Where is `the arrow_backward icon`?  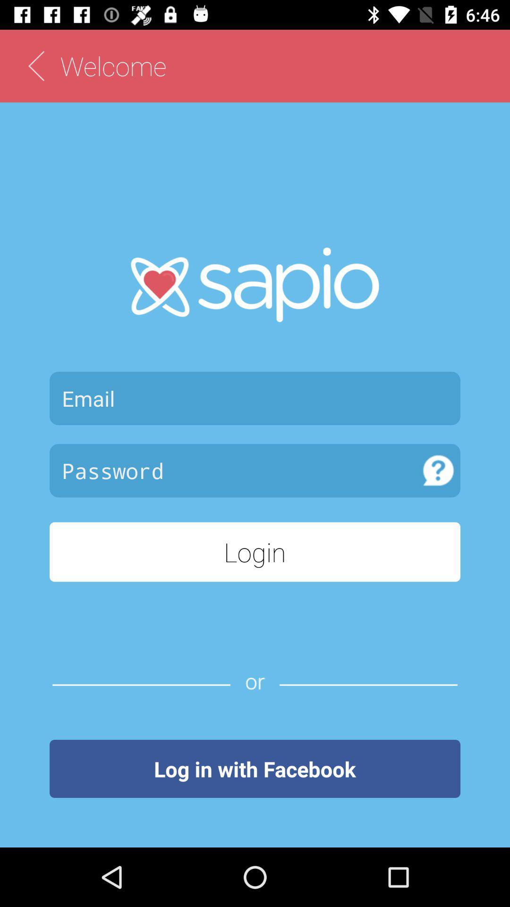 the arrow_backward icon is located at coordinates (35, 65).